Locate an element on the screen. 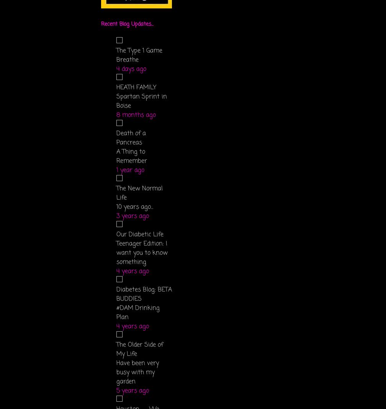 This screenshot has height=409, width=386. 'Spartan Sprint in Boise' is located at coordinates (116, 101).